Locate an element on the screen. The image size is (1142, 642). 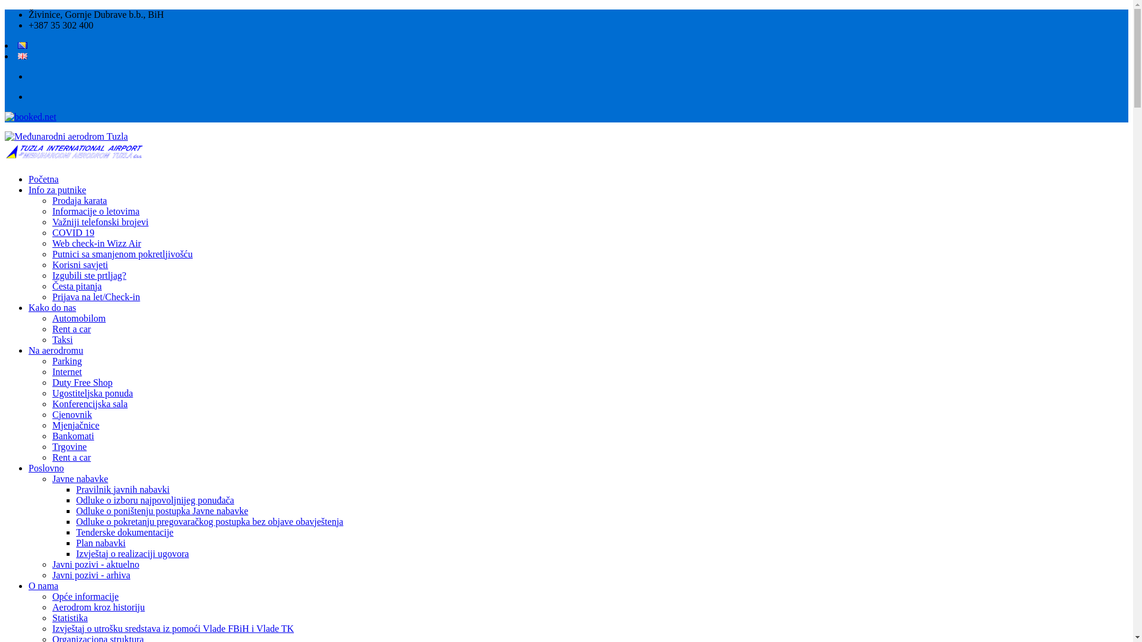
'Duty Free Shop' is located at coordinates (81, 382).